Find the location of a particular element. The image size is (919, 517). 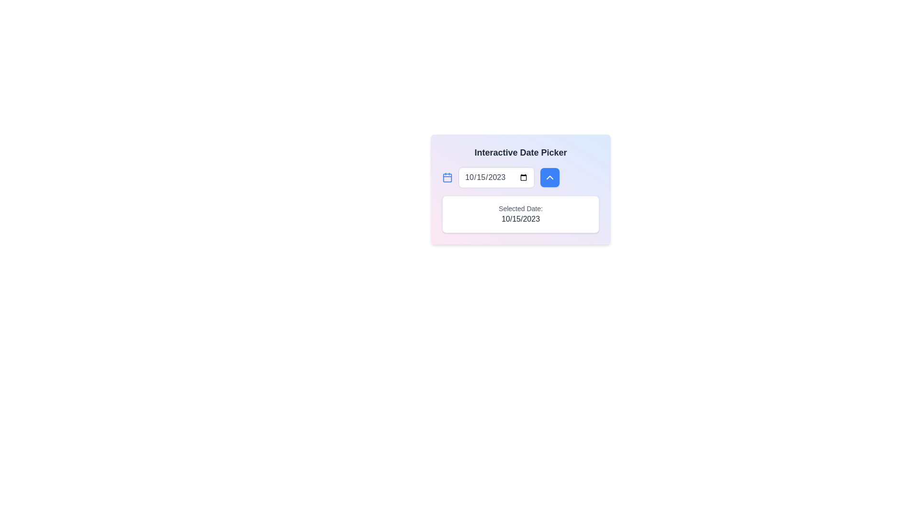

the button located at the right end of the date input field is located at coordinates (549, 177).